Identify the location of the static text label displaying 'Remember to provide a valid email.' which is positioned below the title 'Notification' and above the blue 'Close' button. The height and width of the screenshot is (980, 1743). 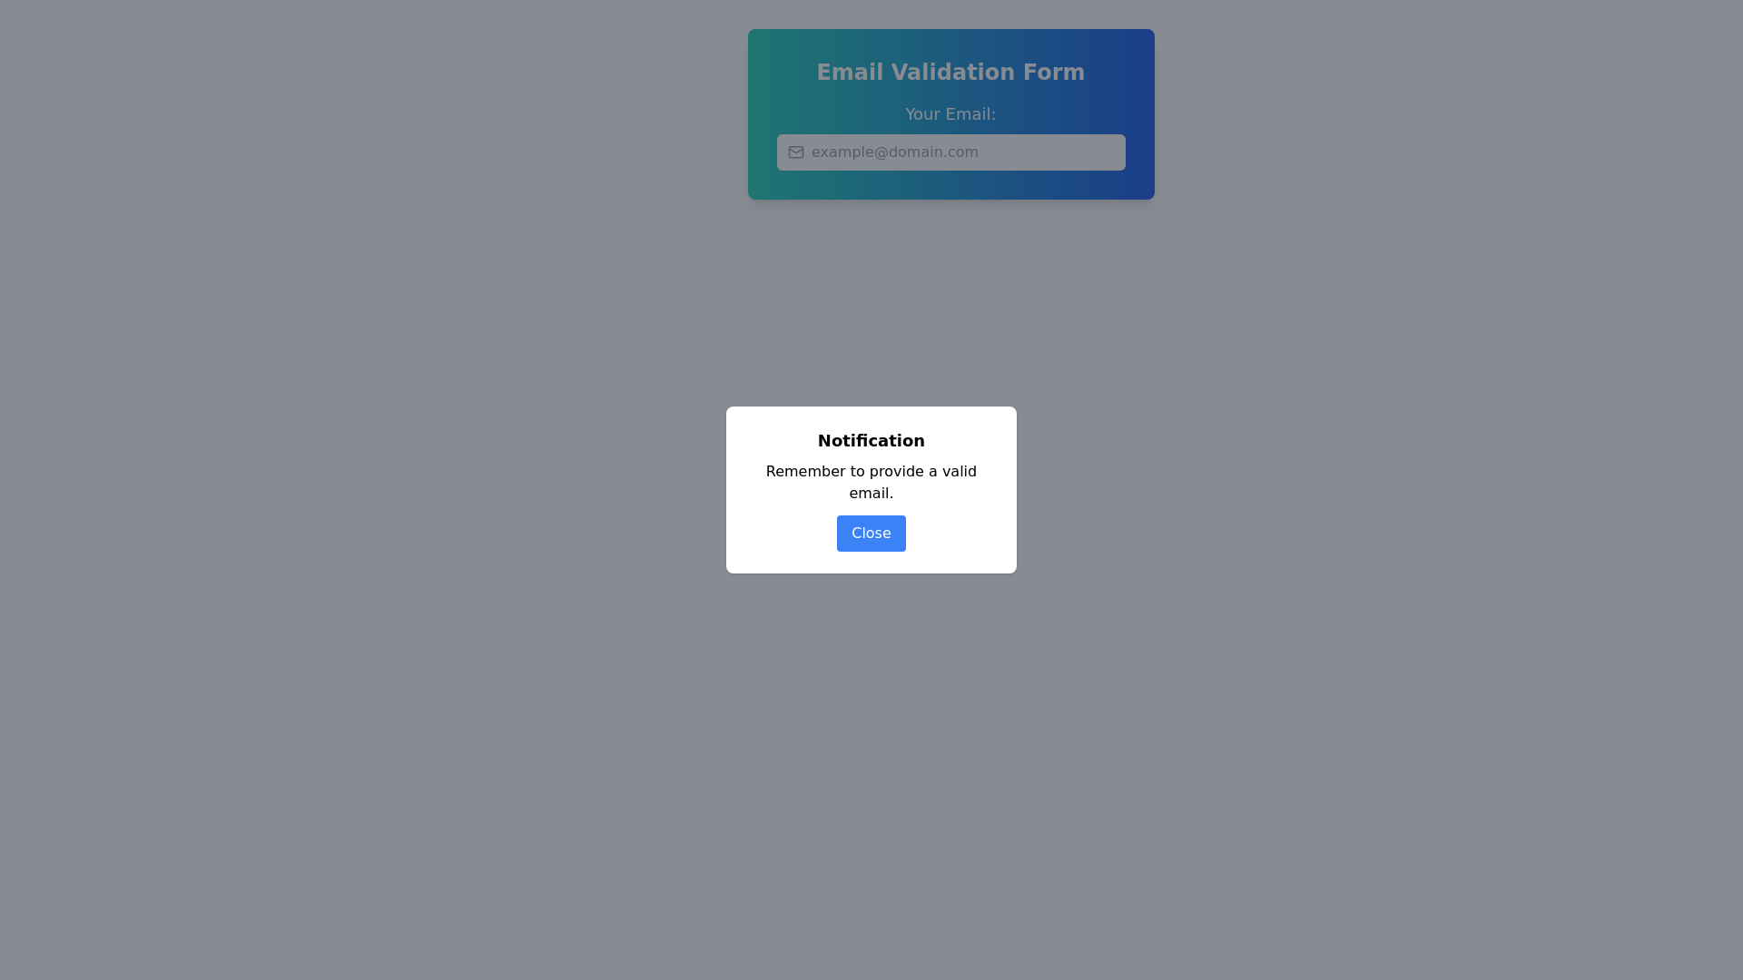
(871, 482).